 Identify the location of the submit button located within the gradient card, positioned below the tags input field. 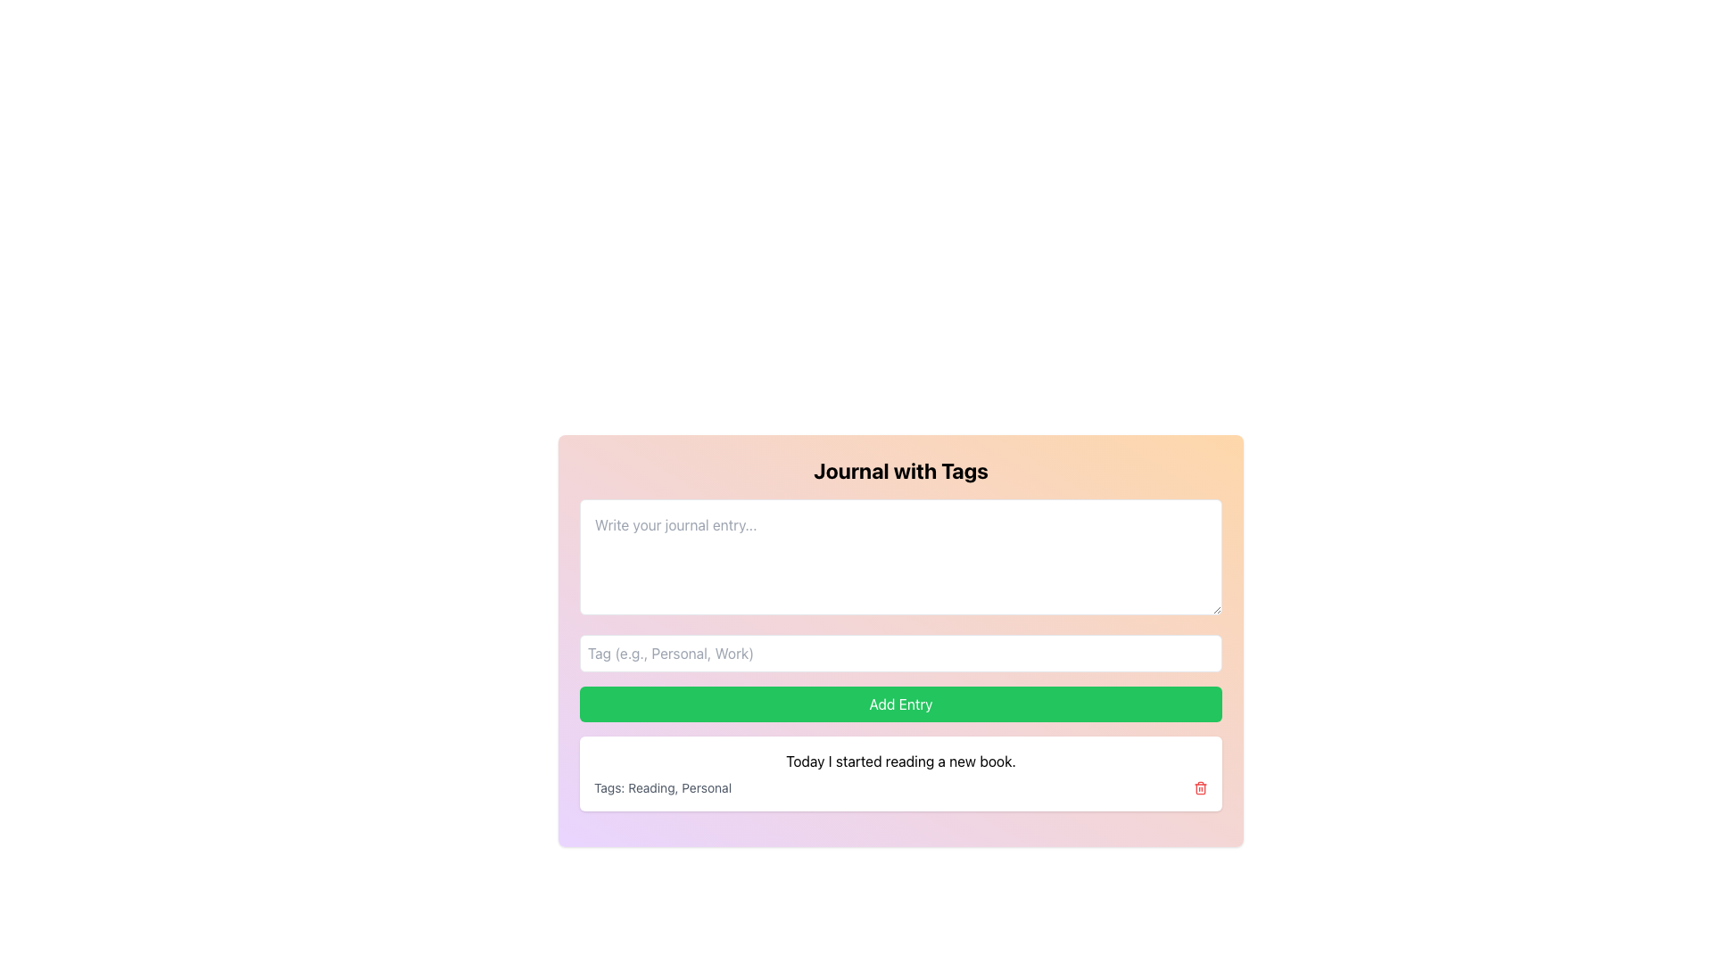
(900, 704).